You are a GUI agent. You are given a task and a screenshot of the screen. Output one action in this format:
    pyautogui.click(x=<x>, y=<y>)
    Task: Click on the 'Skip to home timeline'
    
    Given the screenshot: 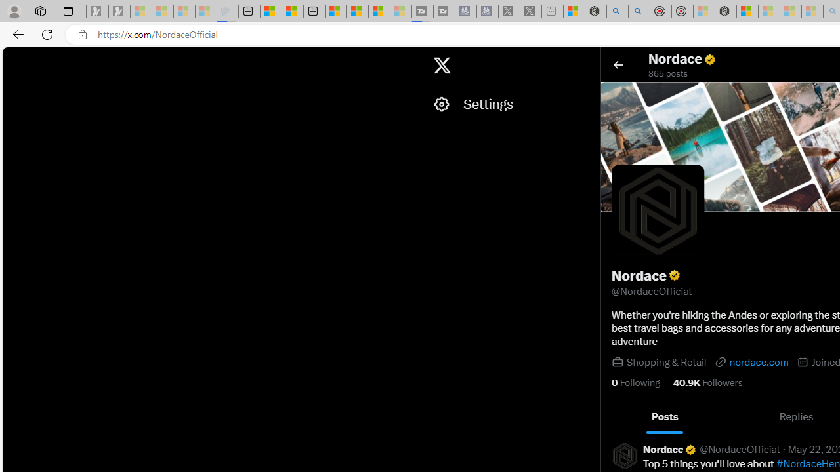 What is the action you would take?
    pyautogui.click(x=14, y=59)
    